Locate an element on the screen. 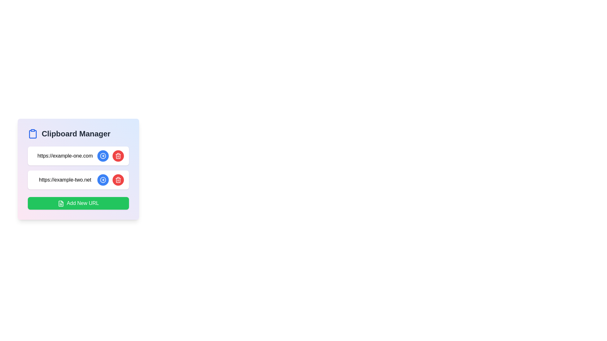 The width and height of the screenshot is (607, 341). the first circular button in the right section of the row containing the URL 'https://example-two.net' is located at coordinates (103, 180).